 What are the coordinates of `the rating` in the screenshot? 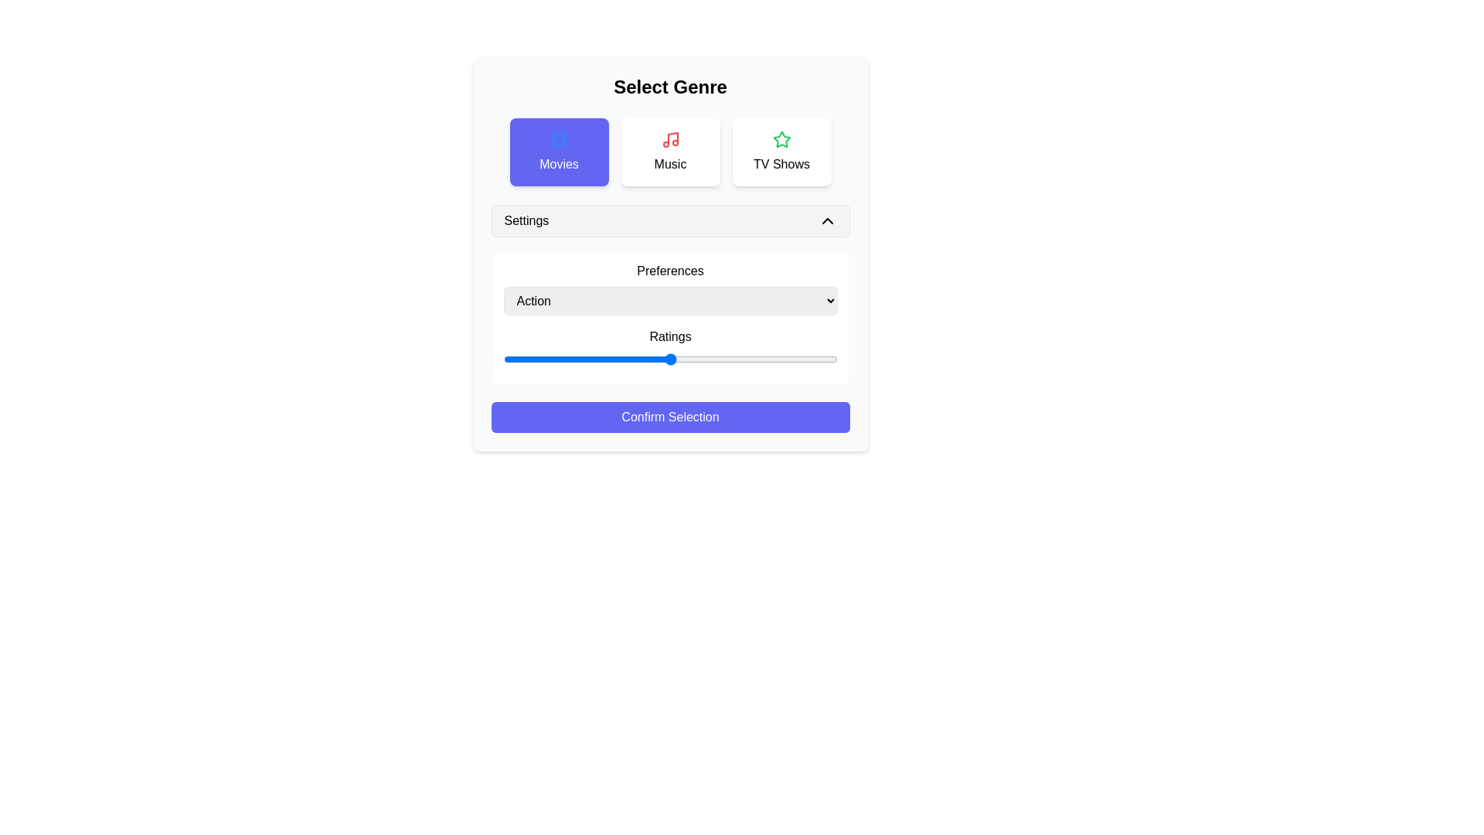 It's located at (550, 360).